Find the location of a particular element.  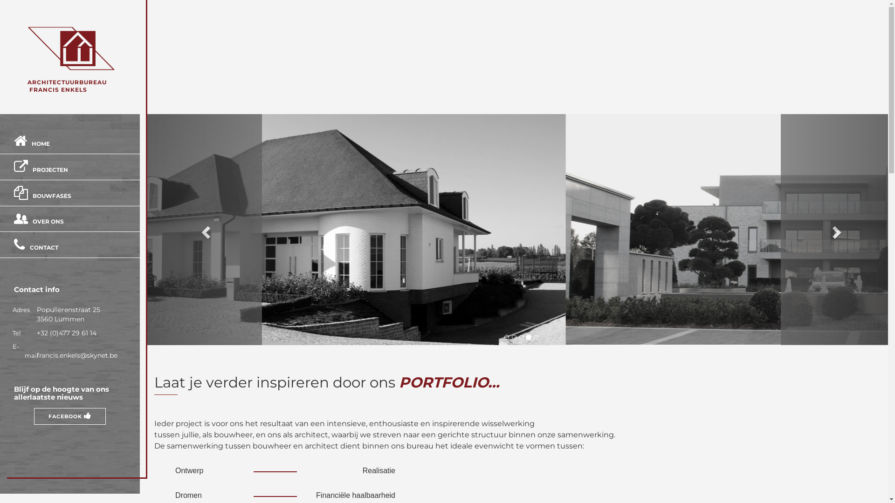

'Populierenstraat 25 is located at coordinates (66, 314).